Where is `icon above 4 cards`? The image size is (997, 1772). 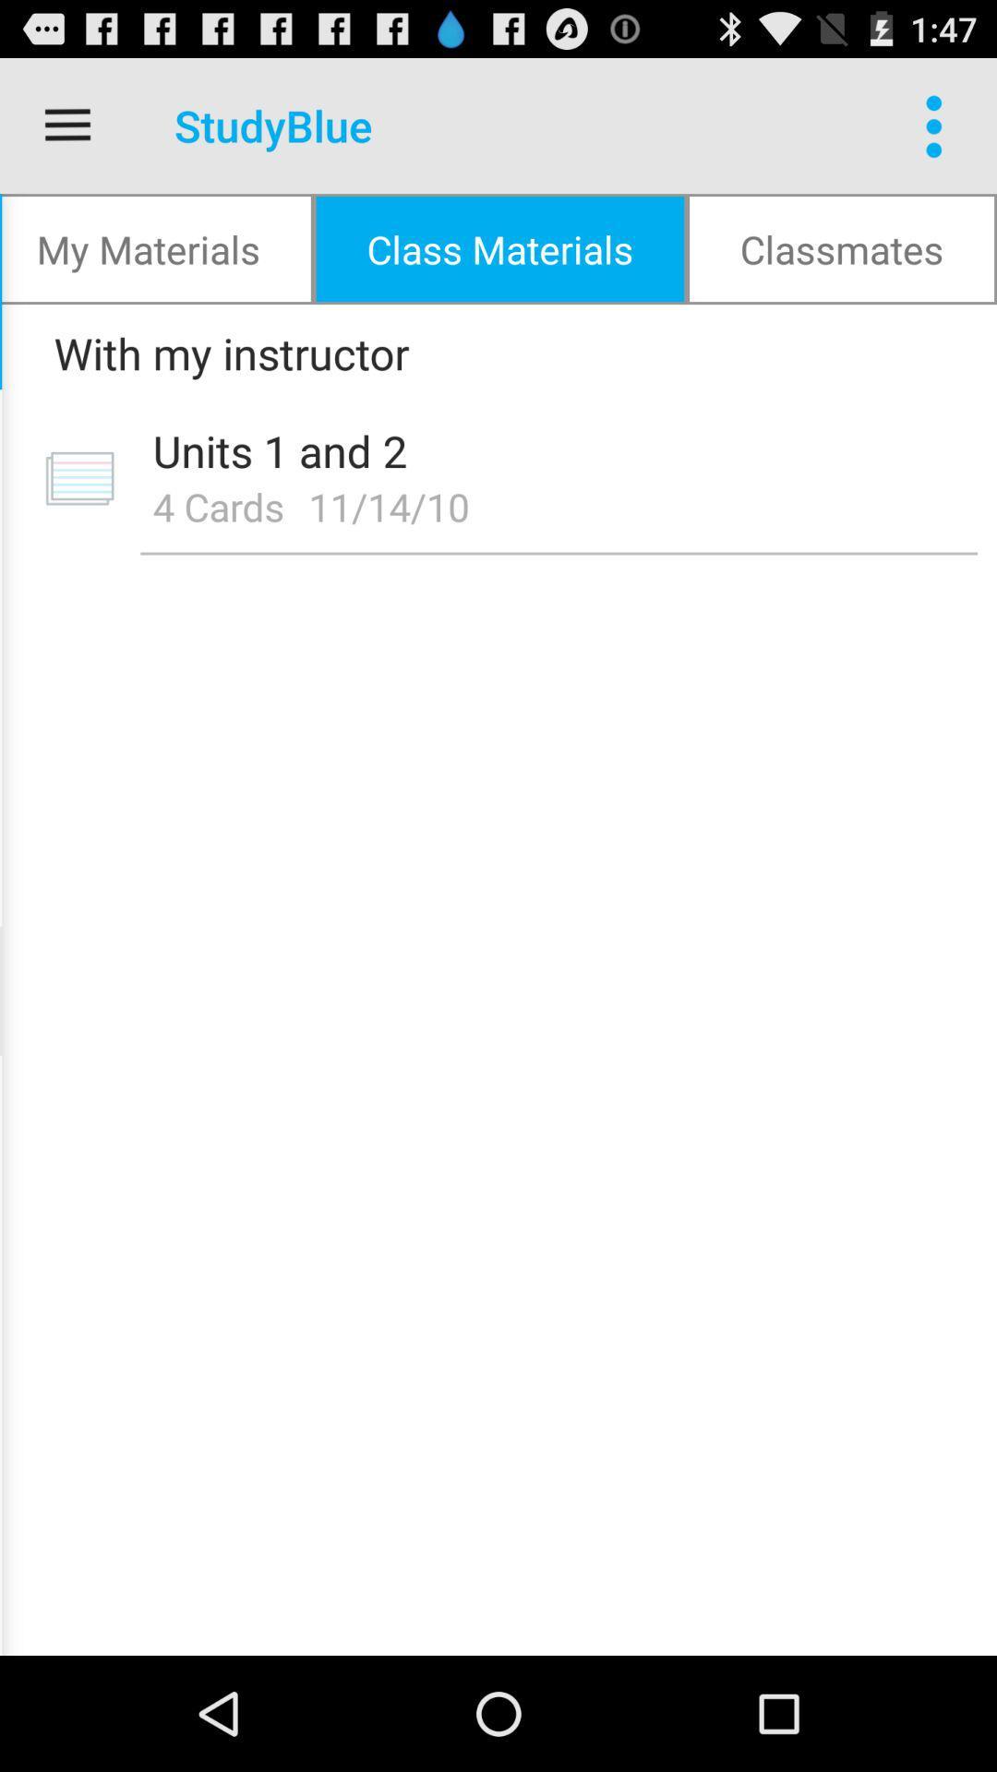 icon above 4 cards is located at coordinates (552, 450).